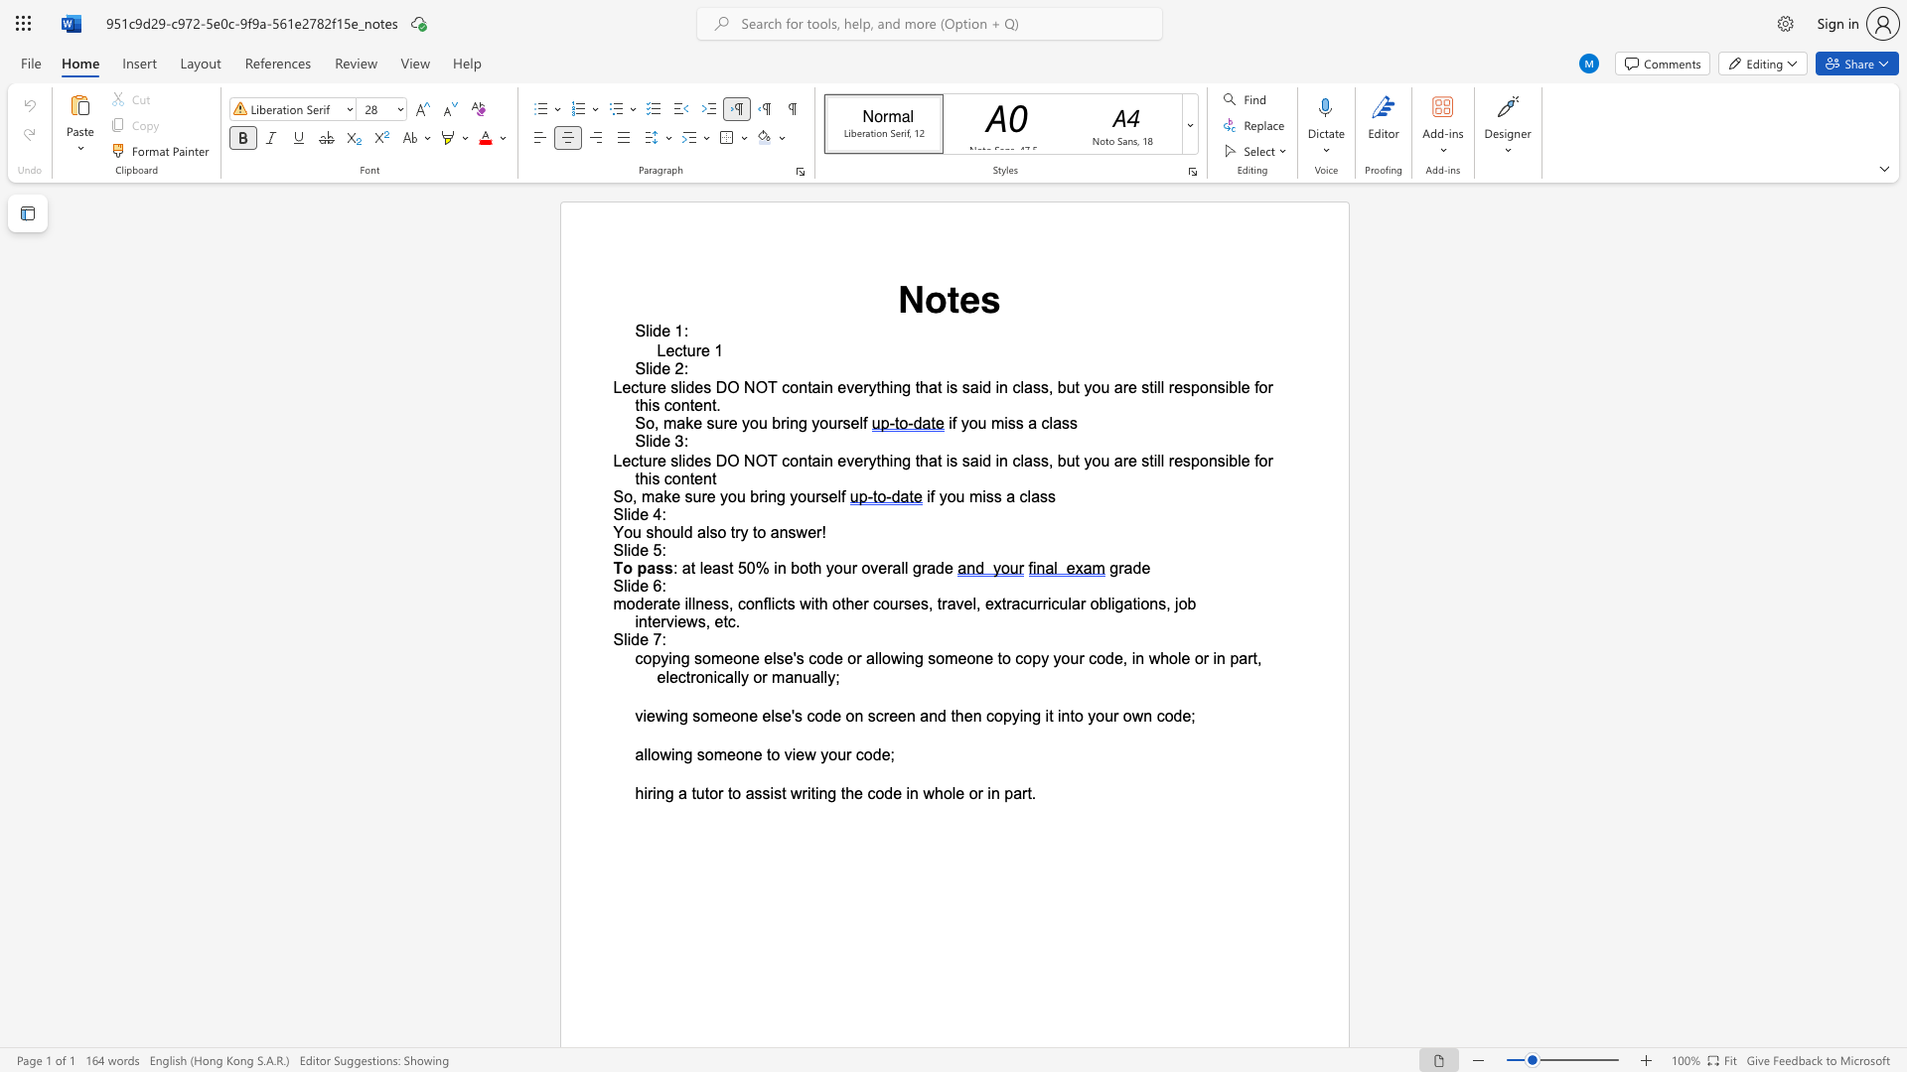 This screenshot has width=1907, height=1072. Describe the element at coordinates (977, 422) in the screenshot. I see `the subset text "u miss a clas" within the text "if you miss a class"` at that location.